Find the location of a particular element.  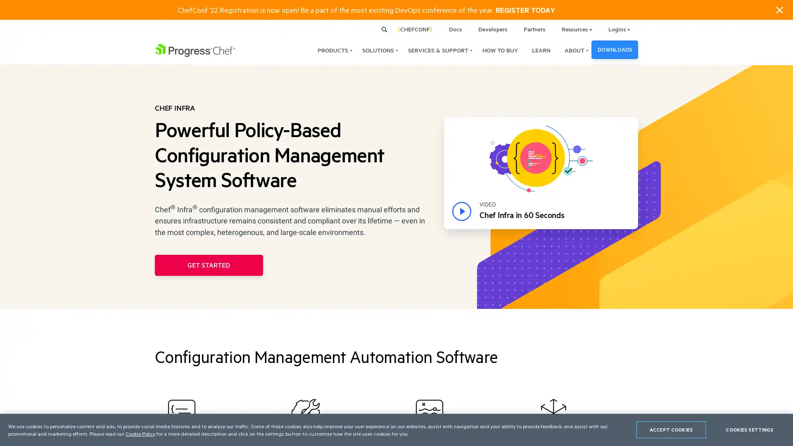

Logins is located at coordinates (619, 29).